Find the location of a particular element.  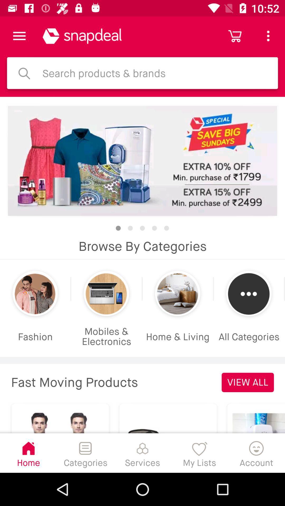

the icon to the right of the my lists item is located at coordinates (256, 453).